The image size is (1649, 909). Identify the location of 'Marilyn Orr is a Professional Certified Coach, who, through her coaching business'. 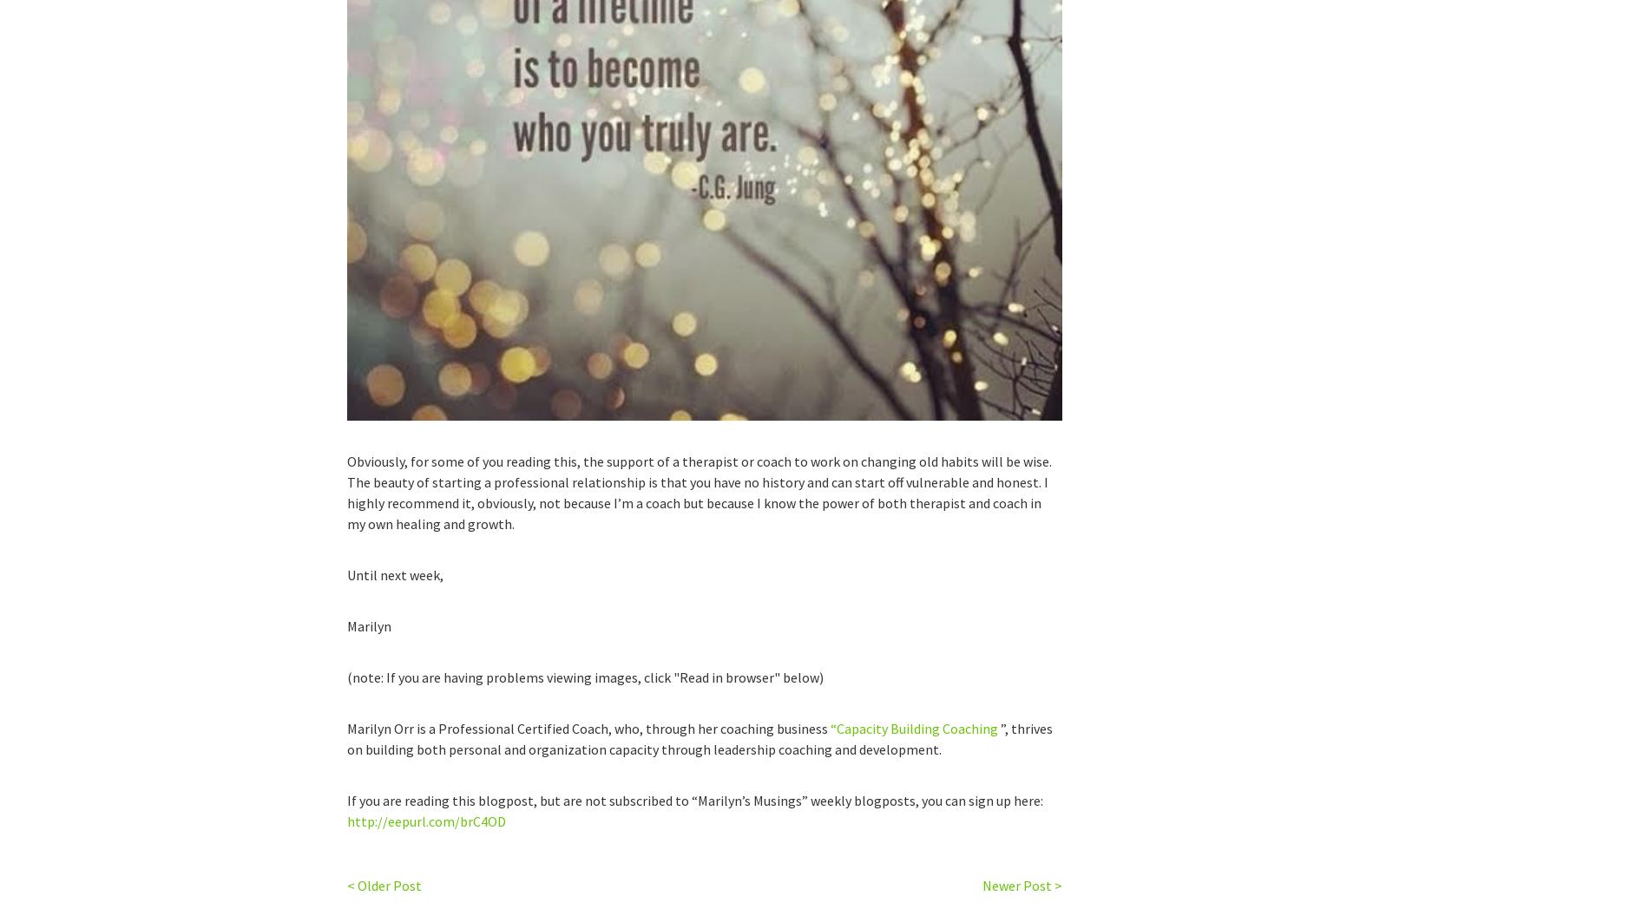
(588, 728).